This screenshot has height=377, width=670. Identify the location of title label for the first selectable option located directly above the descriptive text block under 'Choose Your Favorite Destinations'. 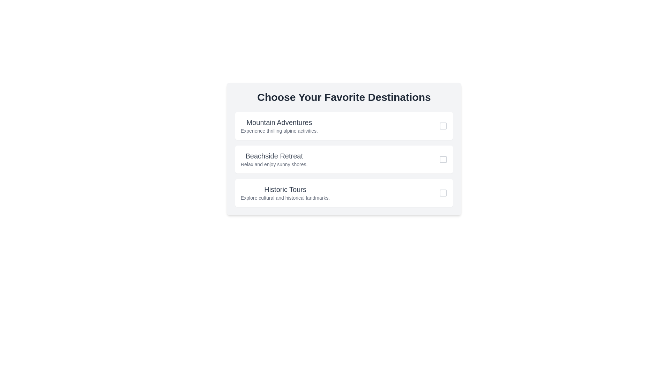
(279, 122).